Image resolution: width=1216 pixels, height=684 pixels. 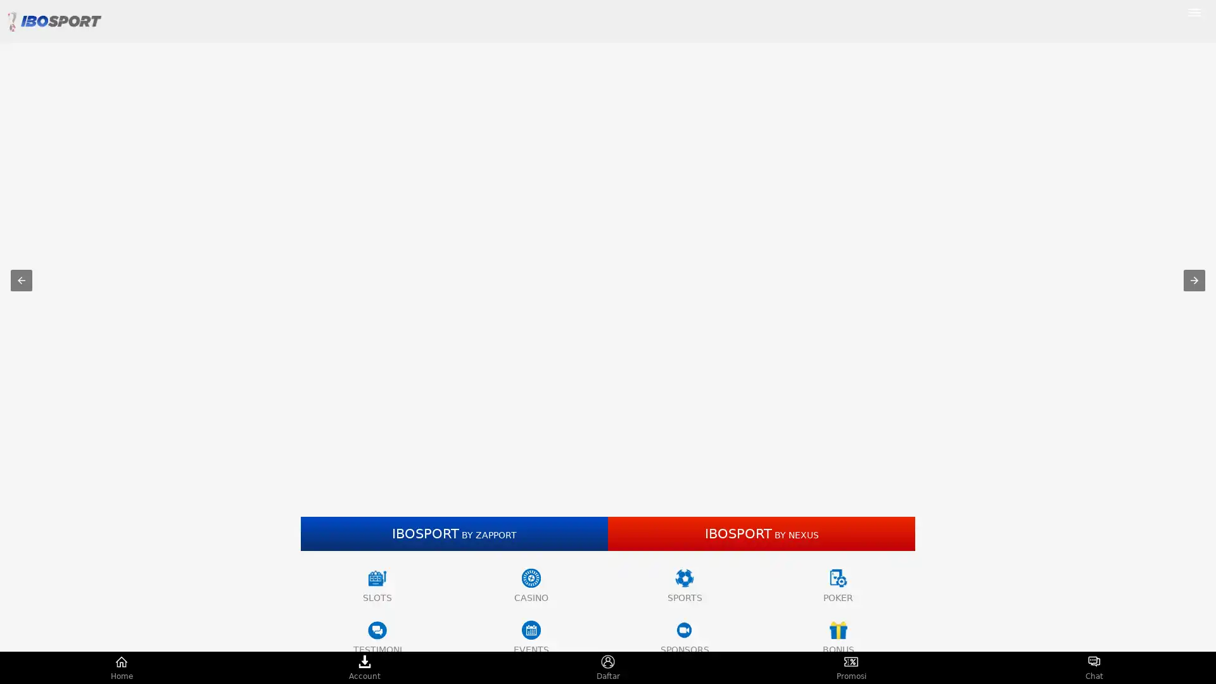 What do you see at coordinates (1194, 280) in the screenshot?
I see `Next item in carousel (5 of 5)` at bounding box center [1194, 280].